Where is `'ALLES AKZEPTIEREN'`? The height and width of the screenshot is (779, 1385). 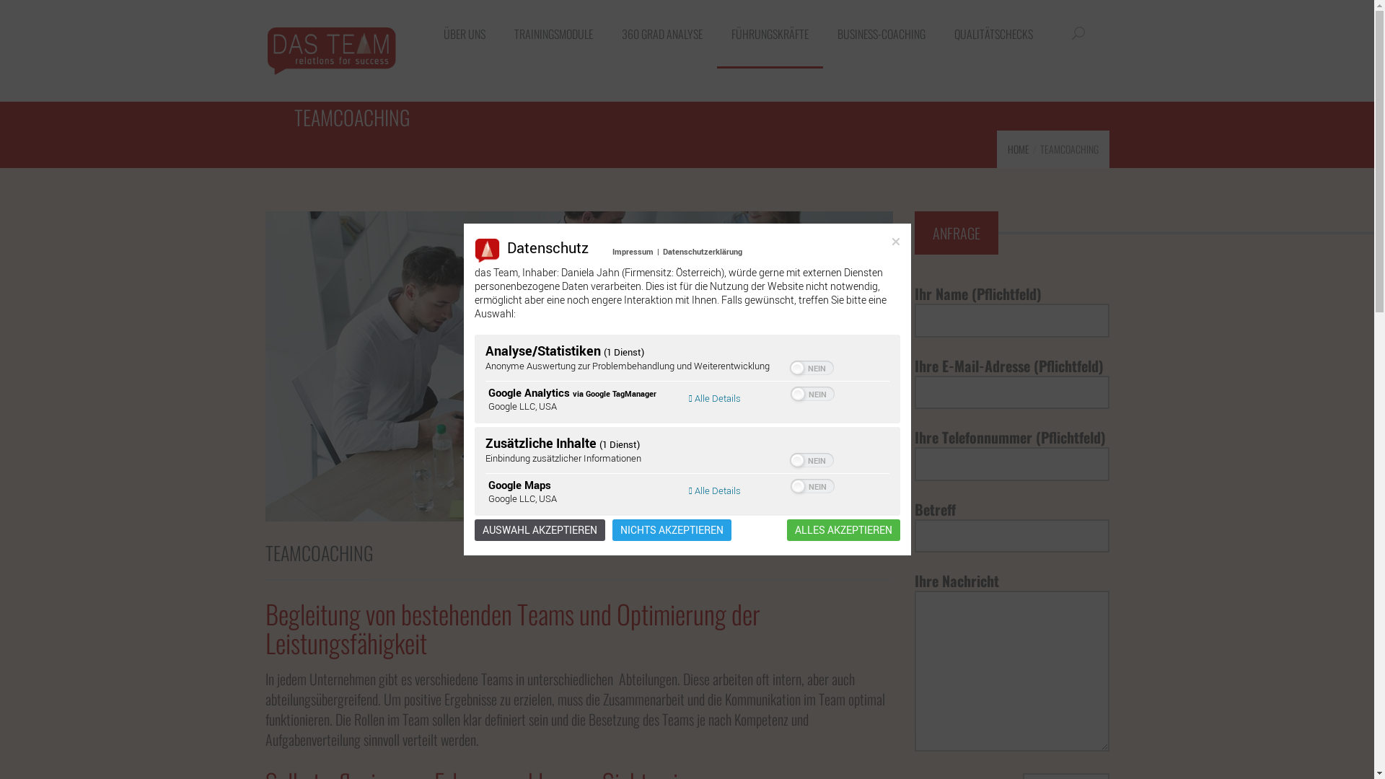 'ALLES AKZEPTIEREN' is located at coordinates (843, 530).